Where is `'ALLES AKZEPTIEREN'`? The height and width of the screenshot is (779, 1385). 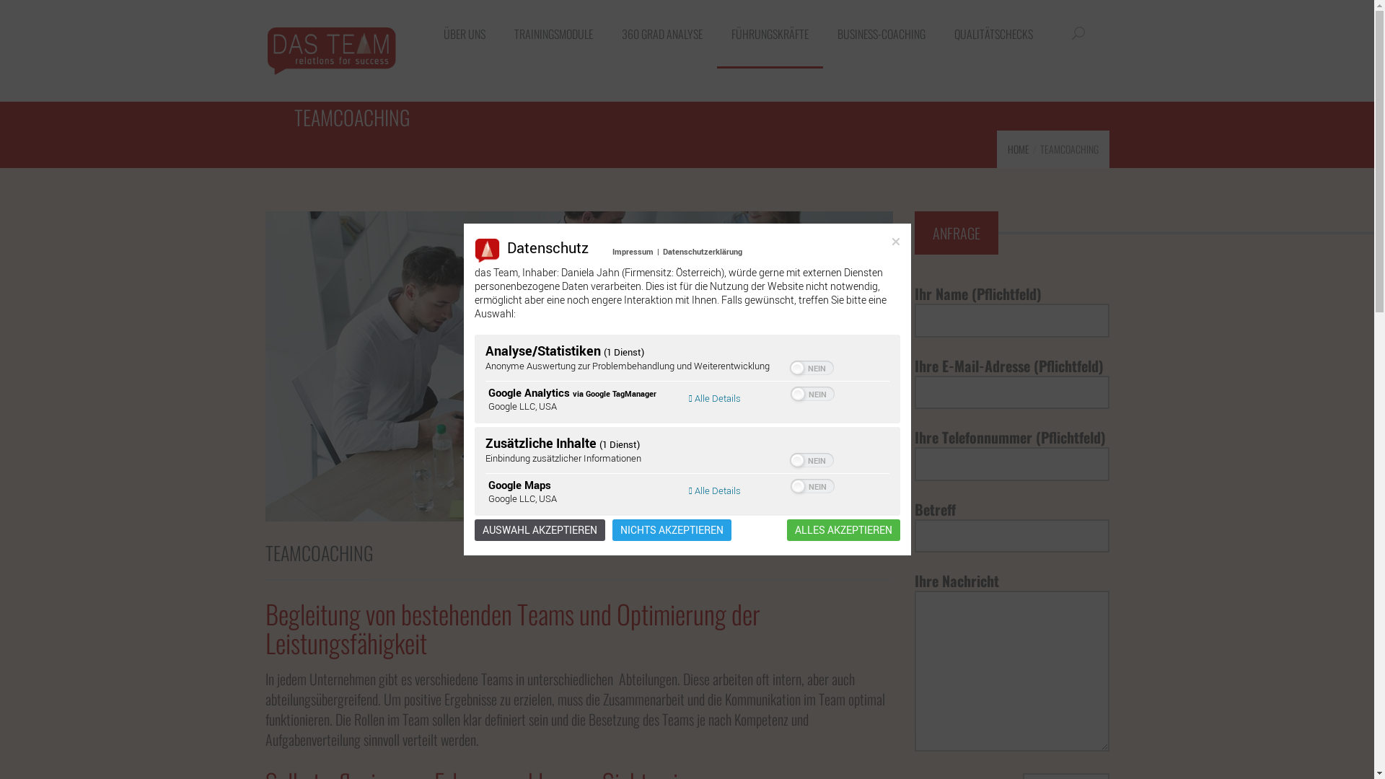 'ALLES AKZEPTIEREN' is located at coordinates (843, 530).